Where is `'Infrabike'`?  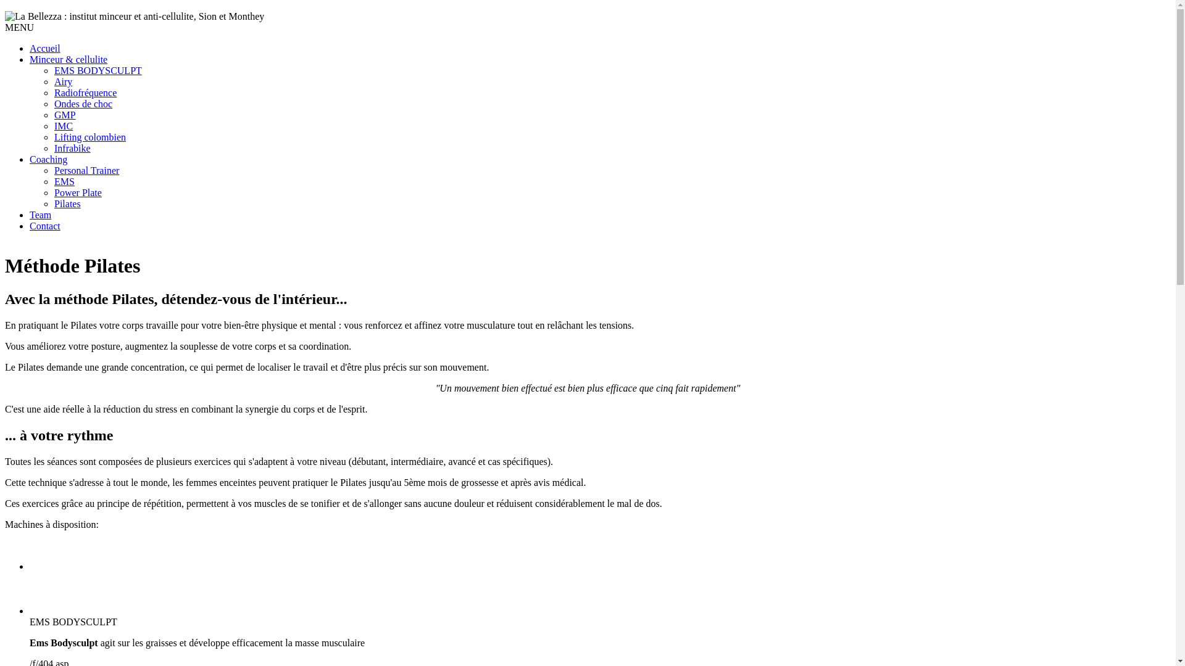 'Infrabike' is located at coordinates (72, 147).